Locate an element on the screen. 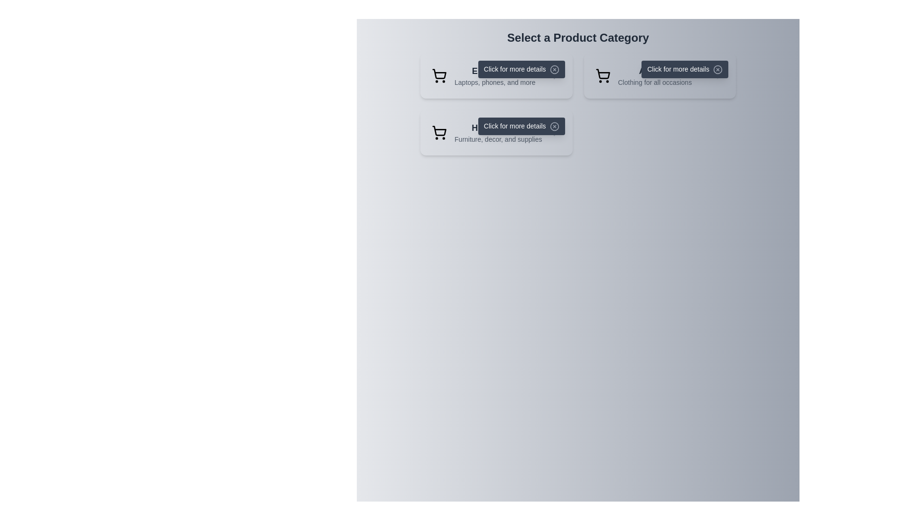 This screenshot has height=512, width=911. the close button located at the top-right corner of the card layout that displays 'Click for more details' is located at coordinates (717, 69).